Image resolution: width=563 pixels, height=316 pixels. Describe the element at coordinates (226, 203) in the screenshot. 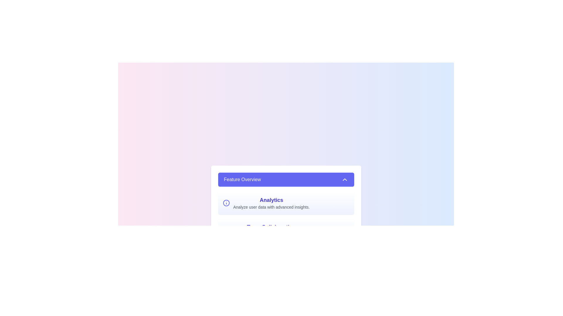

I see `the blue information icon, which is styled as an SVG with a circular outline and 'i' character, located at the top-left of the 'Analytics' card` at that location.